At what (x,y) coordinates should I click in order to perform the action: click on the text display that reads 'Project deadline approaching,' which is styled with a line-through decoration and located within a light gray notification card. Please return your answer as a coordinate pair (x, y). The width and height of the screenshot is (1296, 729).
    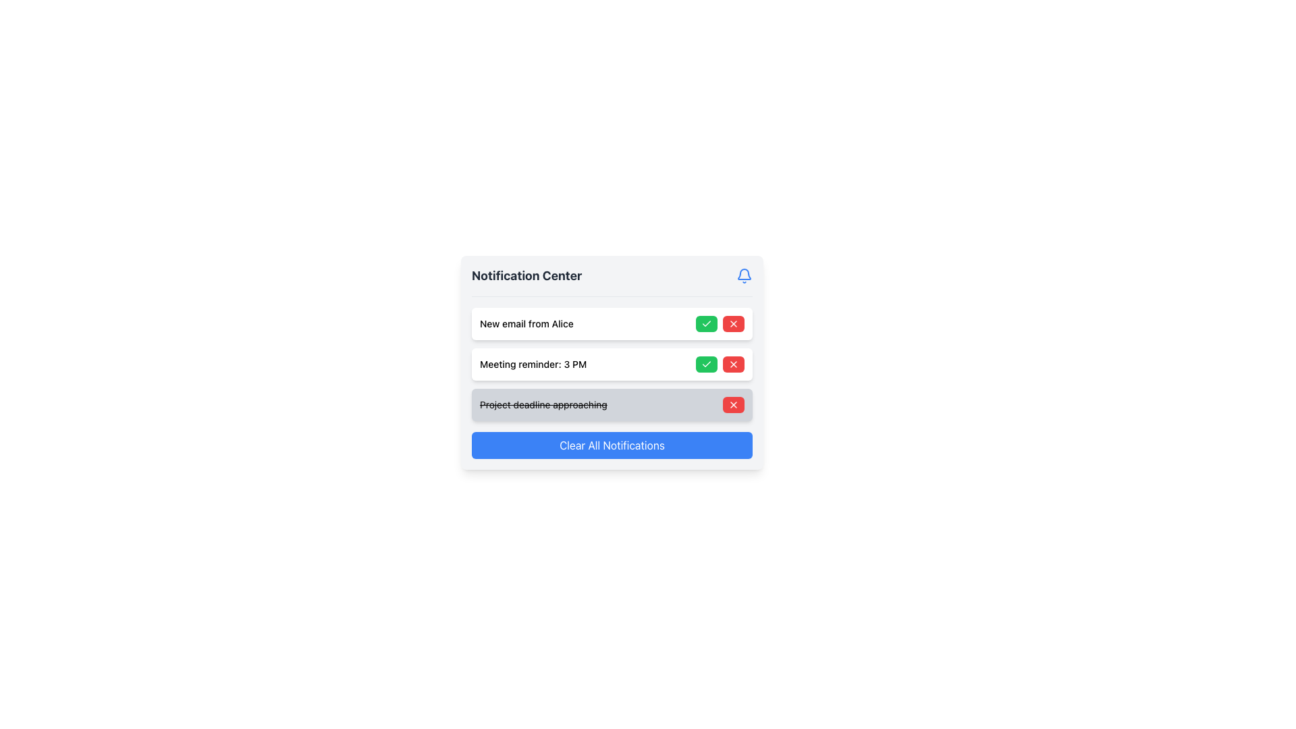
    Looking at the image, I should click on (543, 404).